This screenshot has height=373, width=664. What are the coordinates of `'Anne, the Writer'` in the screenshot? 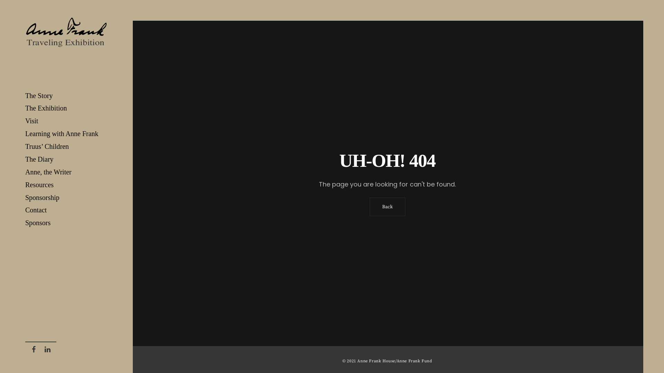 It's located at (66, 172).